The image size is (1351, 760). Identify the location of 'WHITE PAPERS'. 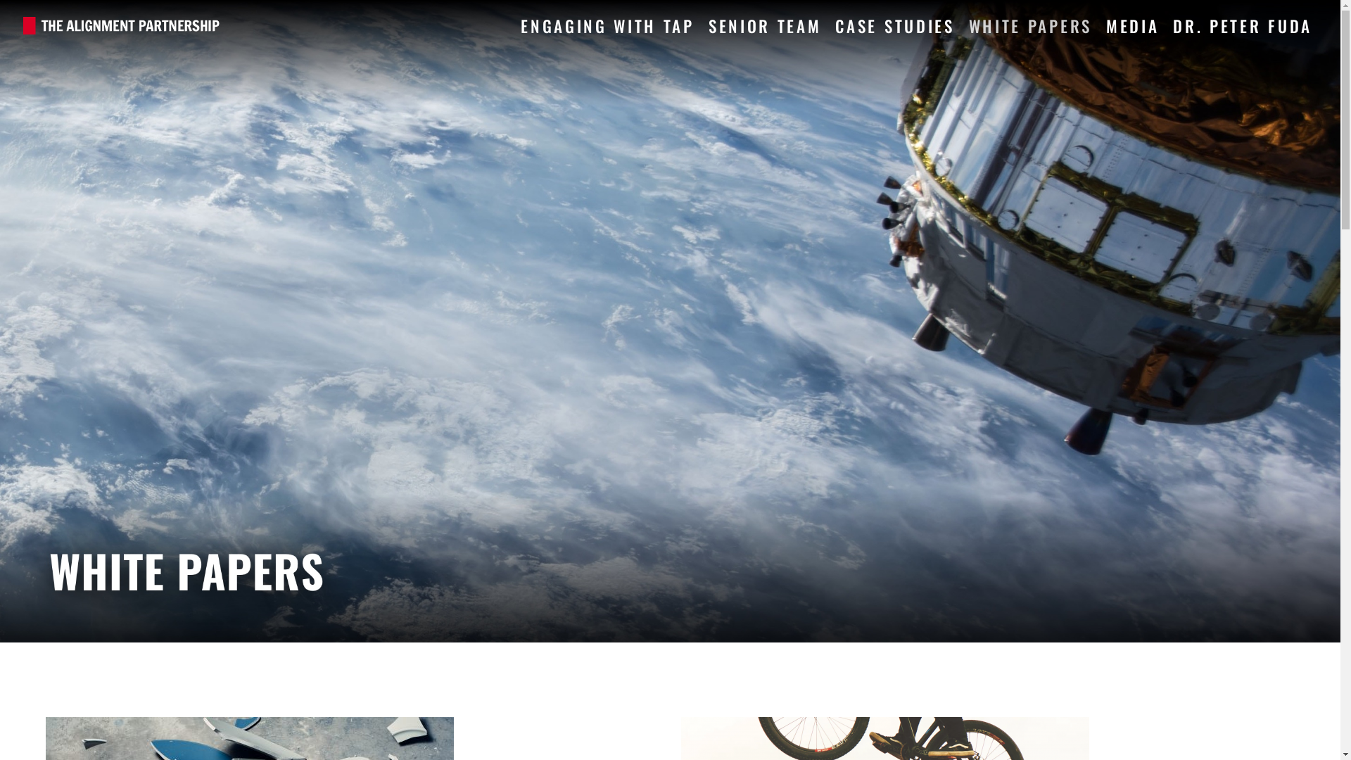
(1030, 24).